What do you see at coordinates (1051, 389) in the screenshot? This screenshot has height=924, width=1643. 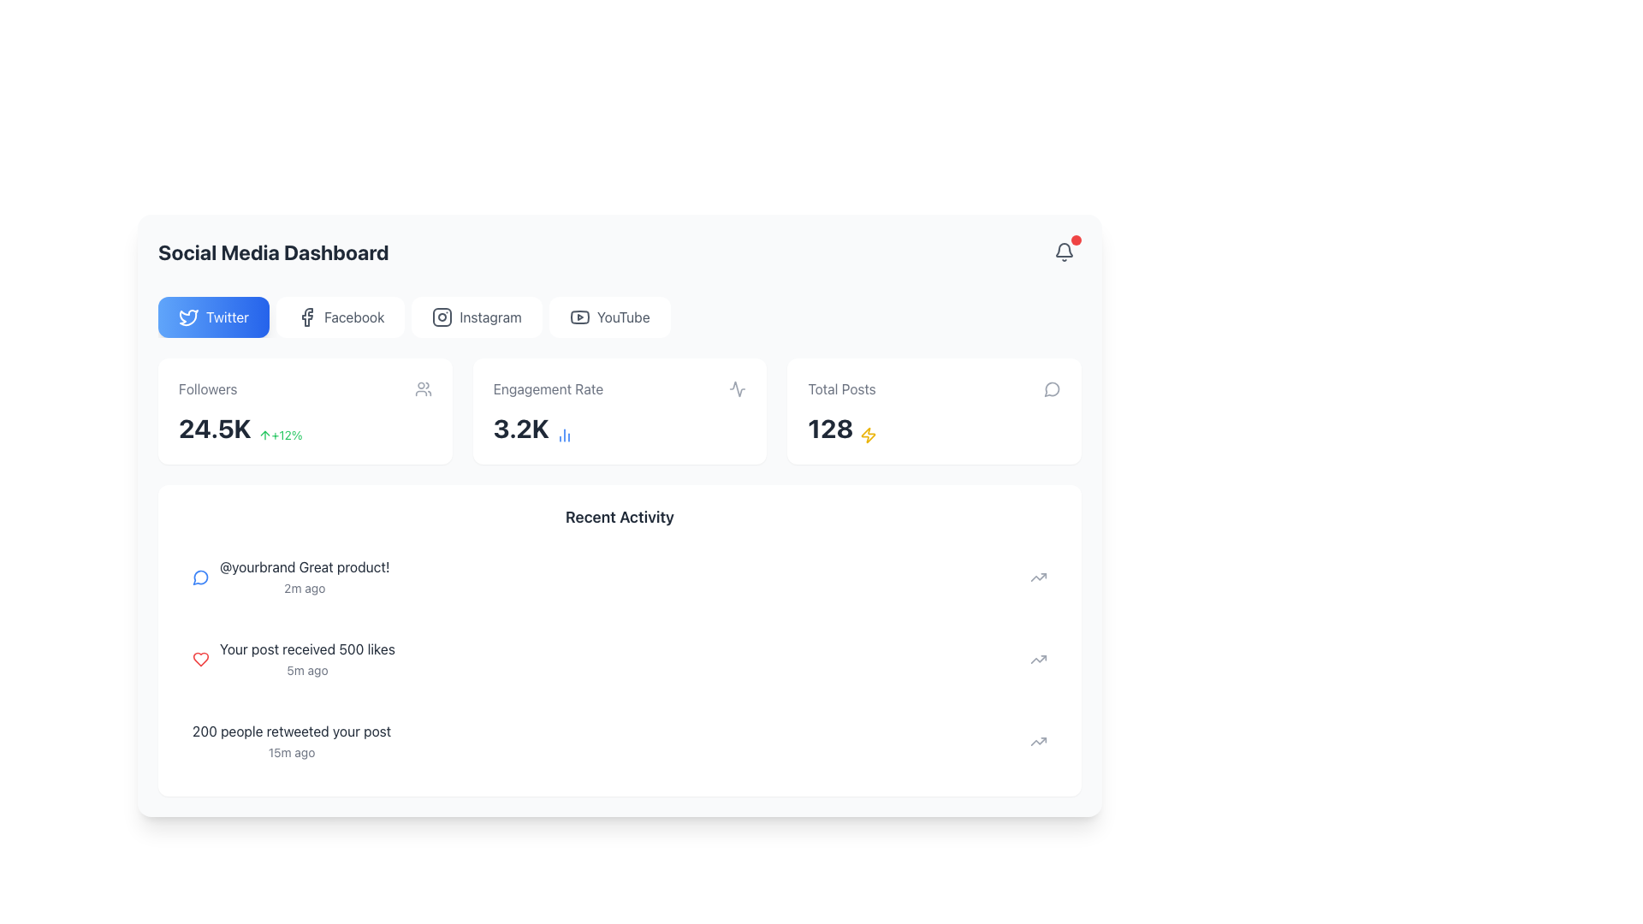 I see `the circular icon with a message bubble design, located near the top-right corner of the user interface, slightly below and to the left of the bell icon` at bounding box center [1051, 389].